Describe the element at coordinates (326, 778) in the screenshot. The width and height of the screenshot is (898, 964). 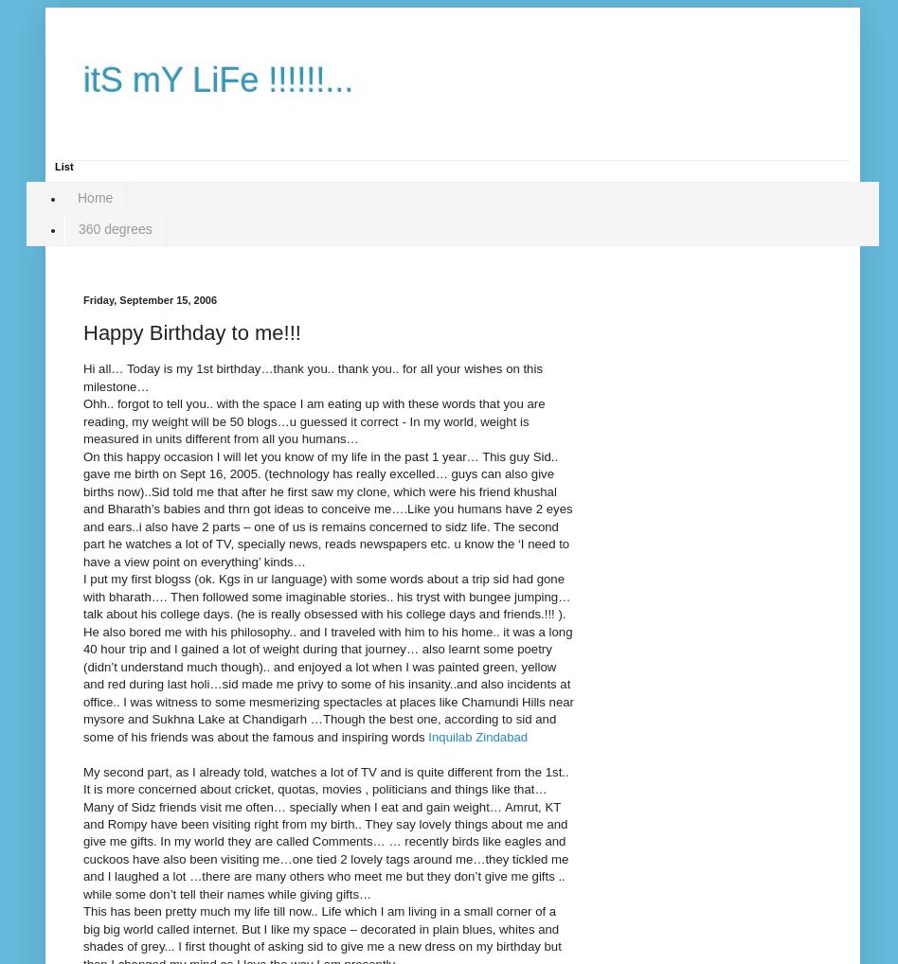
I see `'My second part, as I already told, watches a lot of TV and is quite different from the 1st.. It is more concerned about cricket, quotas, movies , politicians and things like that…'` at that location.